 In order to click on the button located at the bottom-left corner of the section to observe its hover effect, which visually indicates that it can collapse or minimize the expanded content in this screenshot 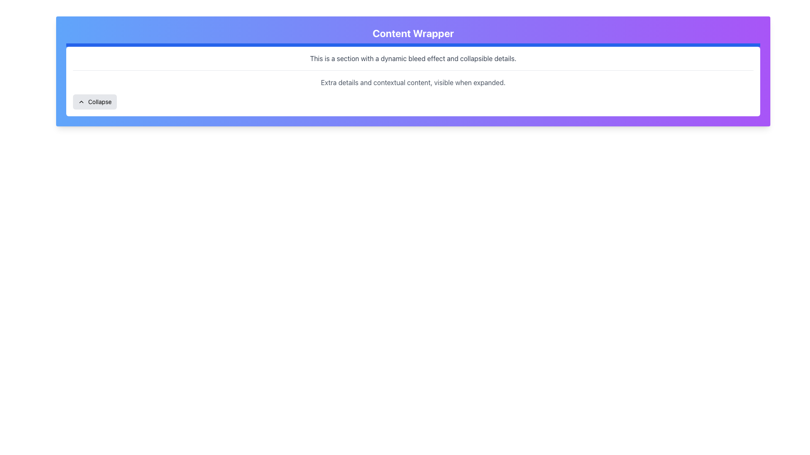, I will do `click(94, 102)`.